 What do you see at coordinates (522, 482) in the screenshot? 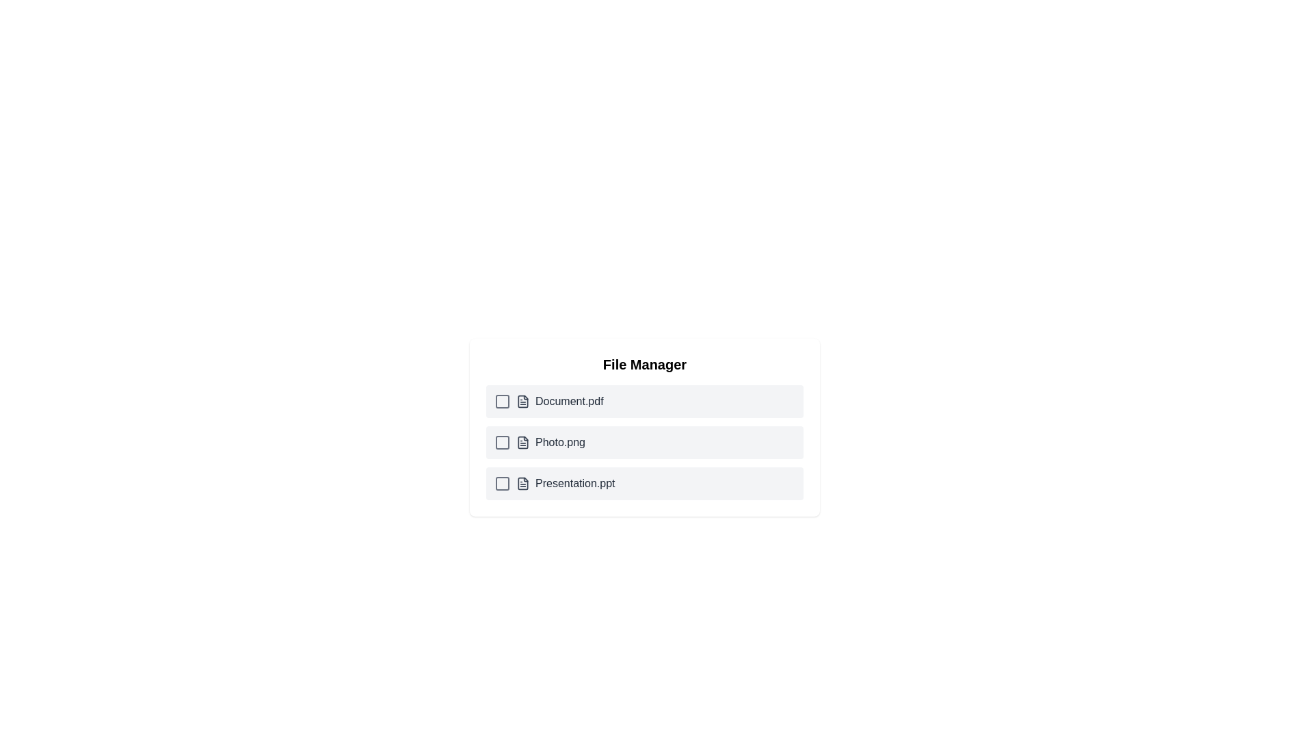
I see `the file icon resembling a document with text lines, which is located to the left of 'Presentation.ppt' in the third row of a file management interface` at bounding box center [522, 482].